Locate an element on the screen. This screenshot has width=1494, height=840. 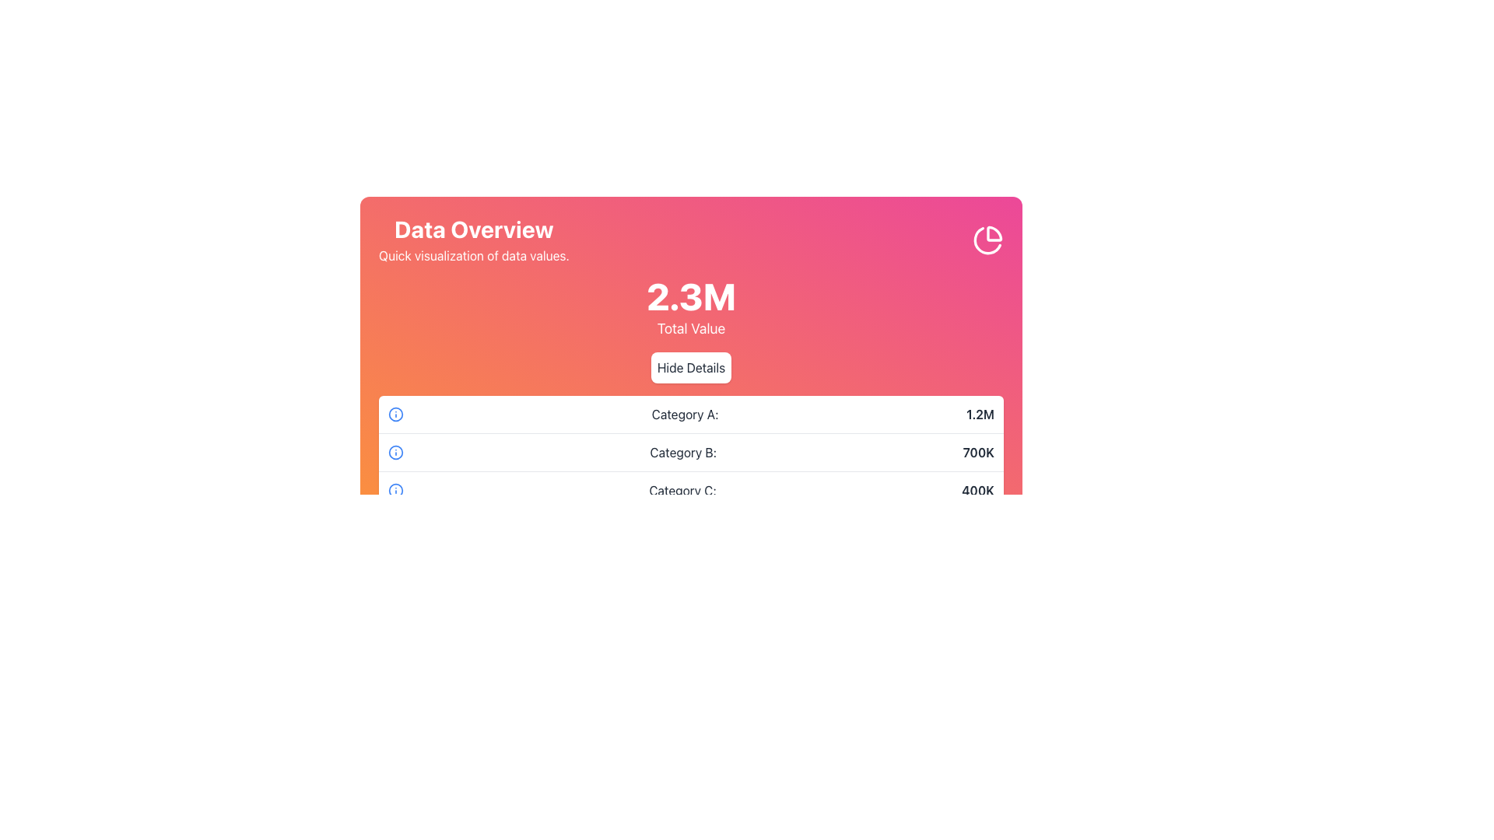
the informational icon positioned to the left of the text 'Category A: 1.2M', which is the first icon in a vertical sequence of similar icons is located at coordinates (395, 413).